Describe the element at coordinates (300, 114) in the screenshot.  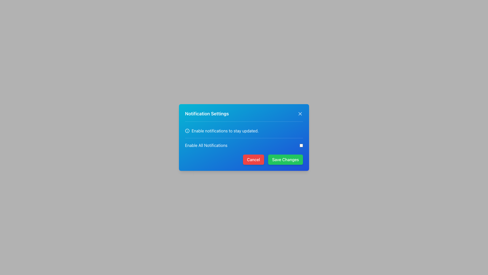
I see `the close button located in the top-right corner of the 'Notification Settings' modal window` at that location.